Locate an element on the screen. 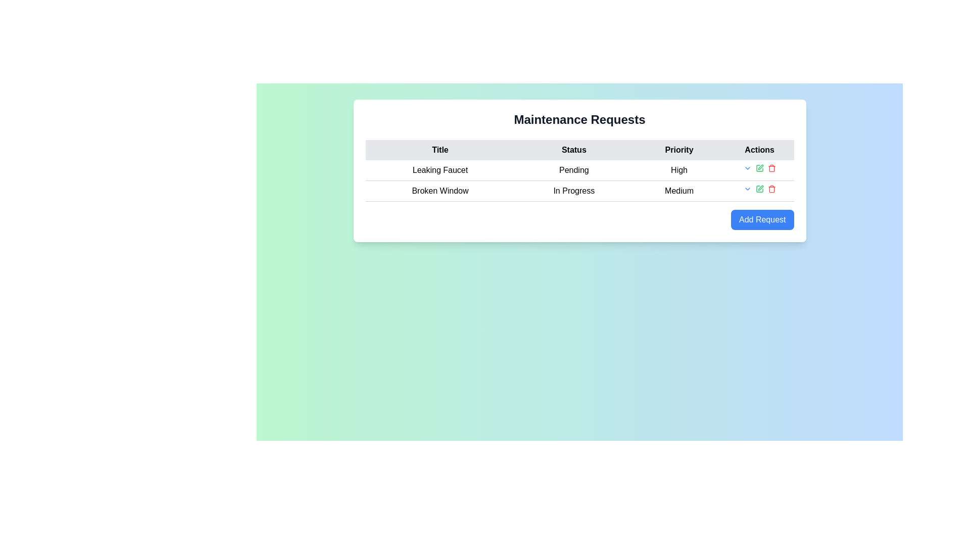  the 'High' priority text label located in the first row, third column of the table under the 'Priority' heading, adjacent to the 'Pending' status and near action buttons is located at coordinates (679, 170).